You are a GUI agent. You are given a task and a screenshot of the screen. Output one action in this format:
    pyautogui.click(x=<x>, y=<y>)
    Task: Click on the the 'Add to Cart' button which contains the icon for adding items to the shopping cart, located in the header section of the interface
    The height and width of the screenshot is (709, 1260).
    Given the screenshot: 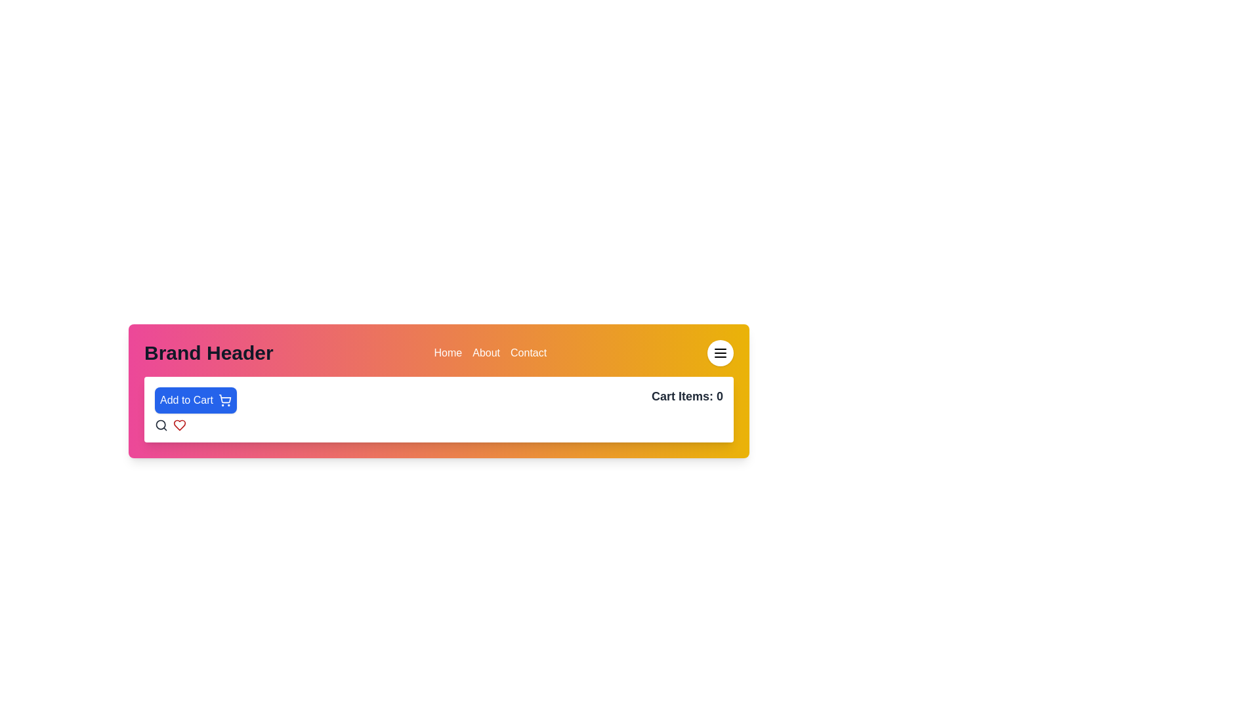 What is the action you would take?
    pyautogui.click(x=224, y=399)
    